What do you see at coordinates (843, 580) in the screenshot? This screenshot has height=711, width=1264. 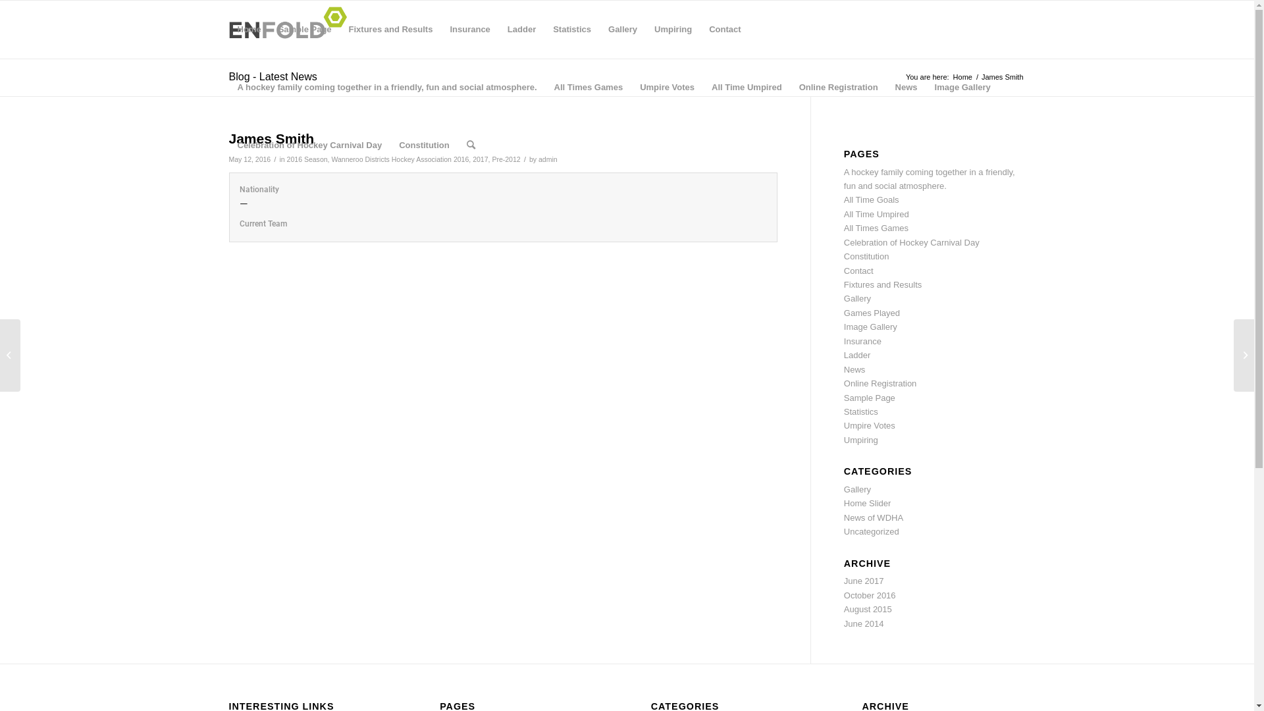 I see `'June 2017'` at bounding box center [843, 580].